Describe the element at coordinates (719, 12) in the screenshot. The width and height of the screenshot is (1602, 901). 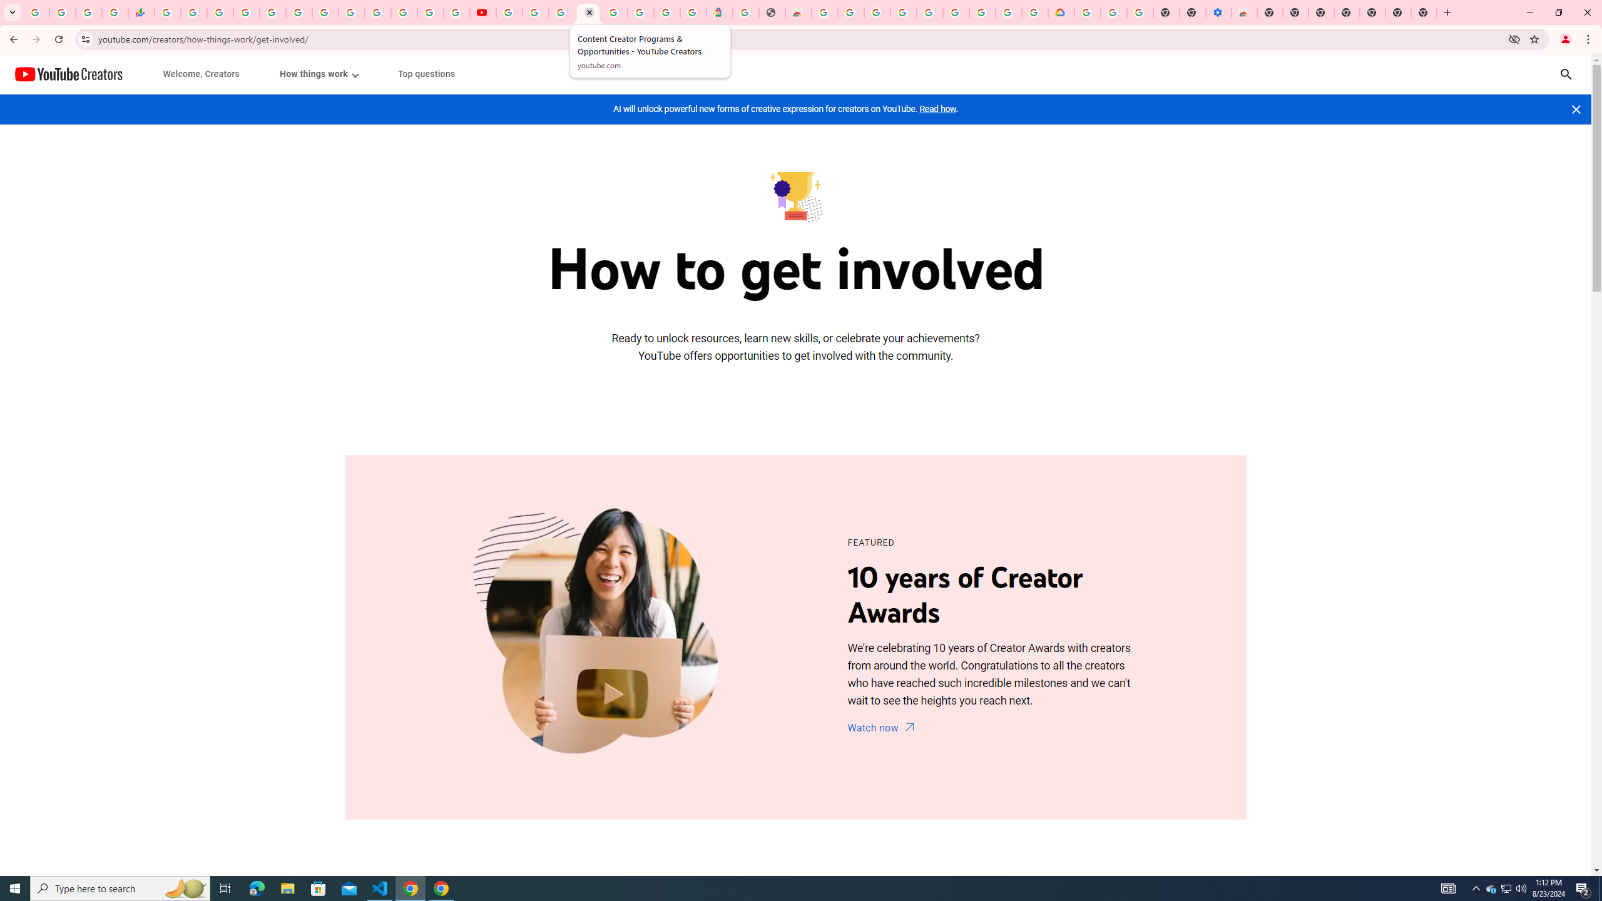
I see `'Atour Hotel - Google hotels'` at that location.